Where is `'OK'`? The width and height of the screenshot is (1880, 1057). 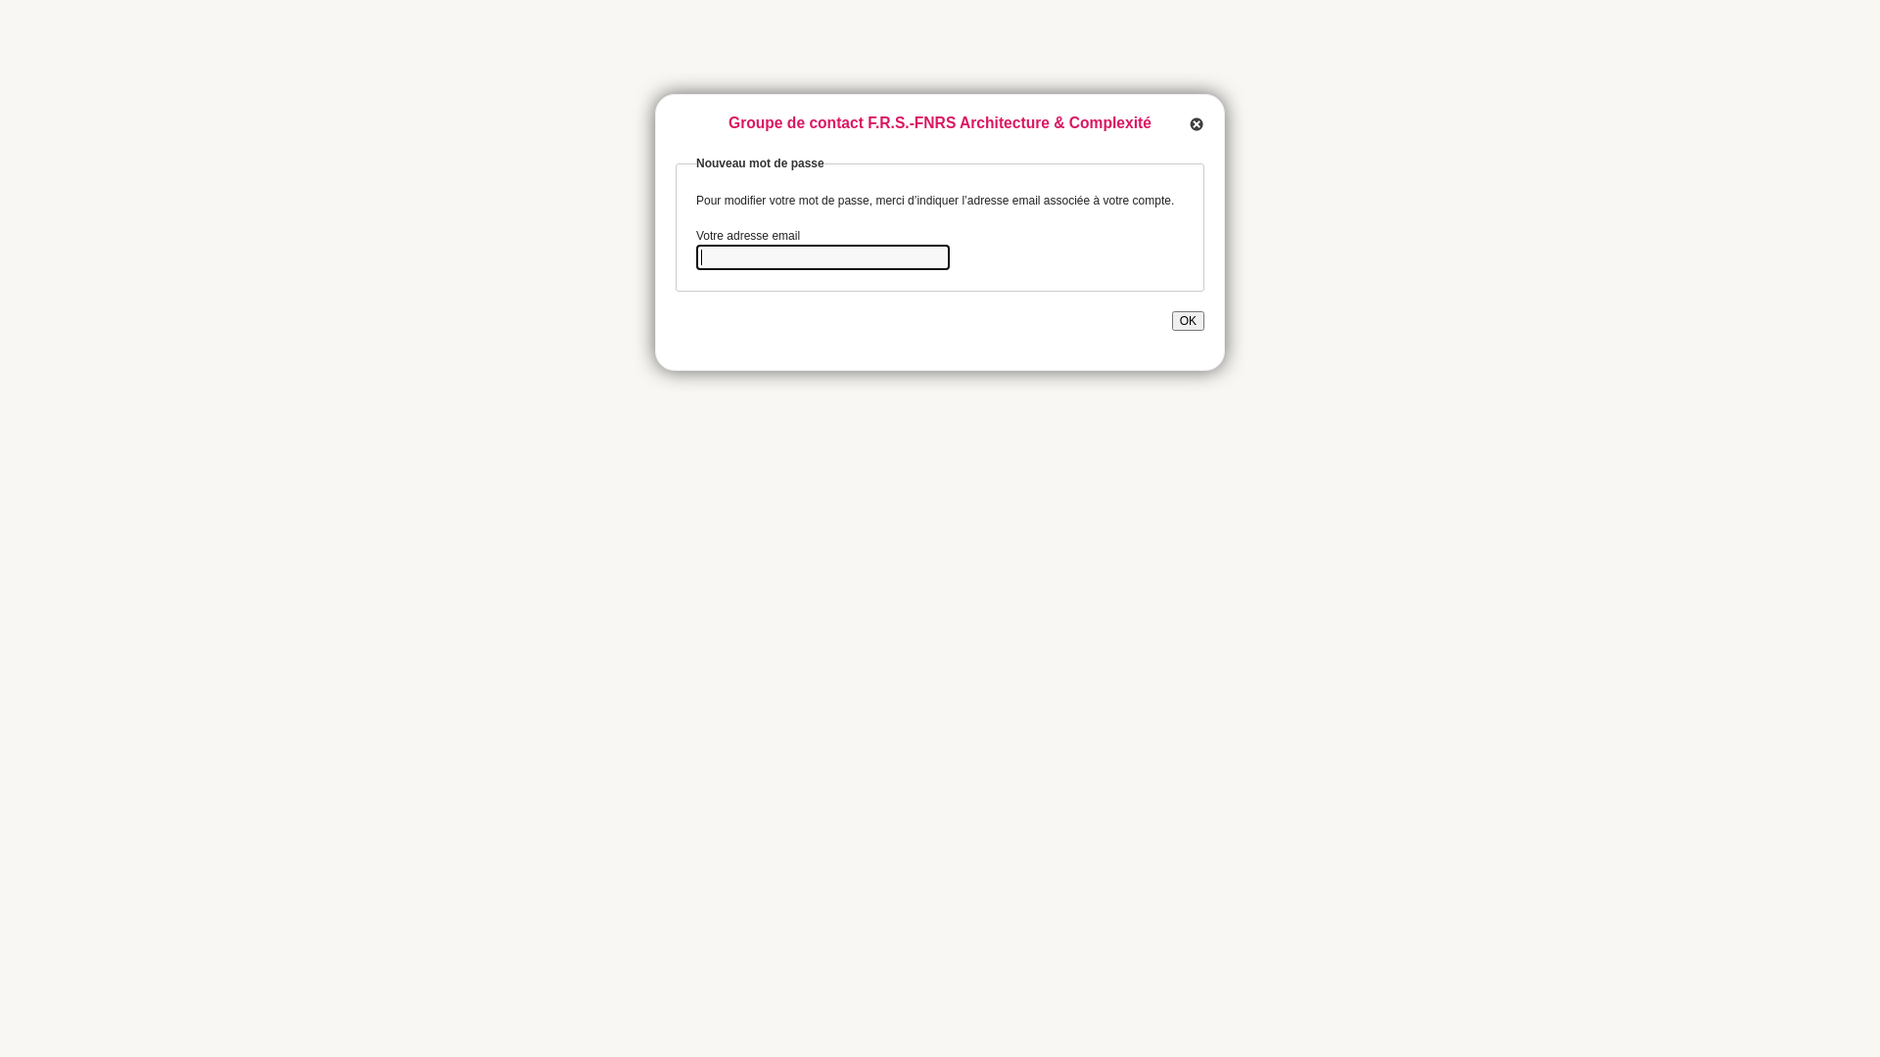
'OK' is located at coordinates (1187, 319).